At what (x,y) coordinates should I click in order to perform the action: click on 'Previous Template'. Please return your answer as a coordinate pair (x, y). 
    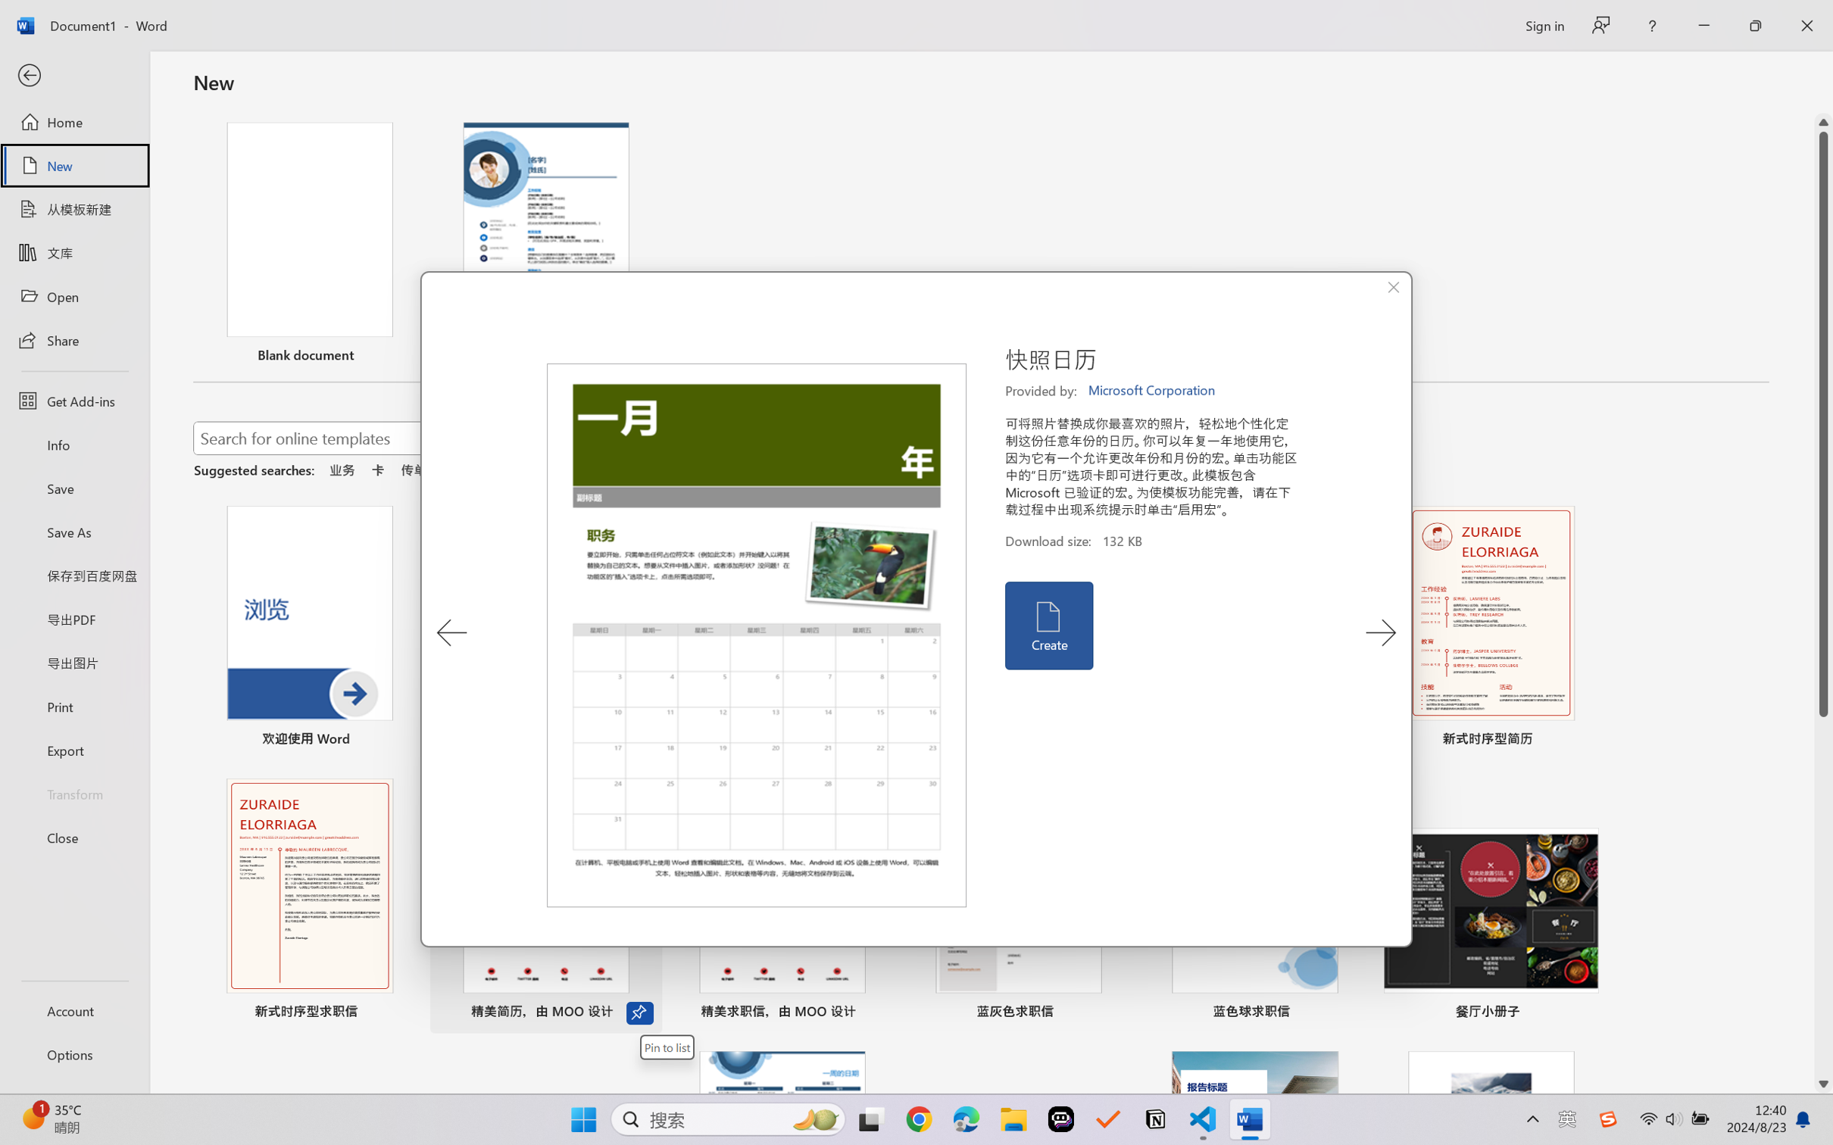
    Looking at the image, I should click on (451, 632).